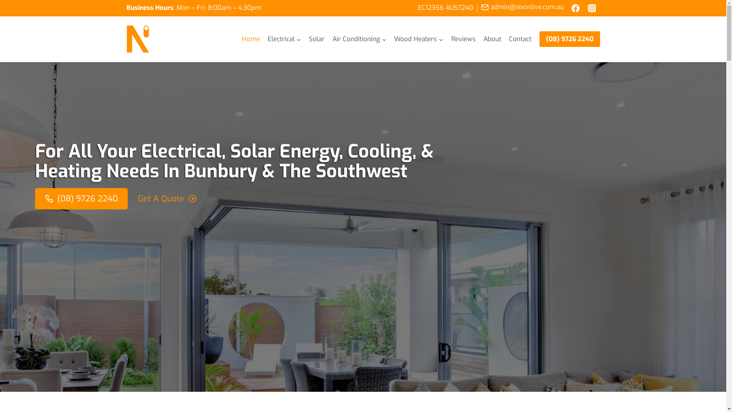  I want to click on 'About', so click(492, 39).